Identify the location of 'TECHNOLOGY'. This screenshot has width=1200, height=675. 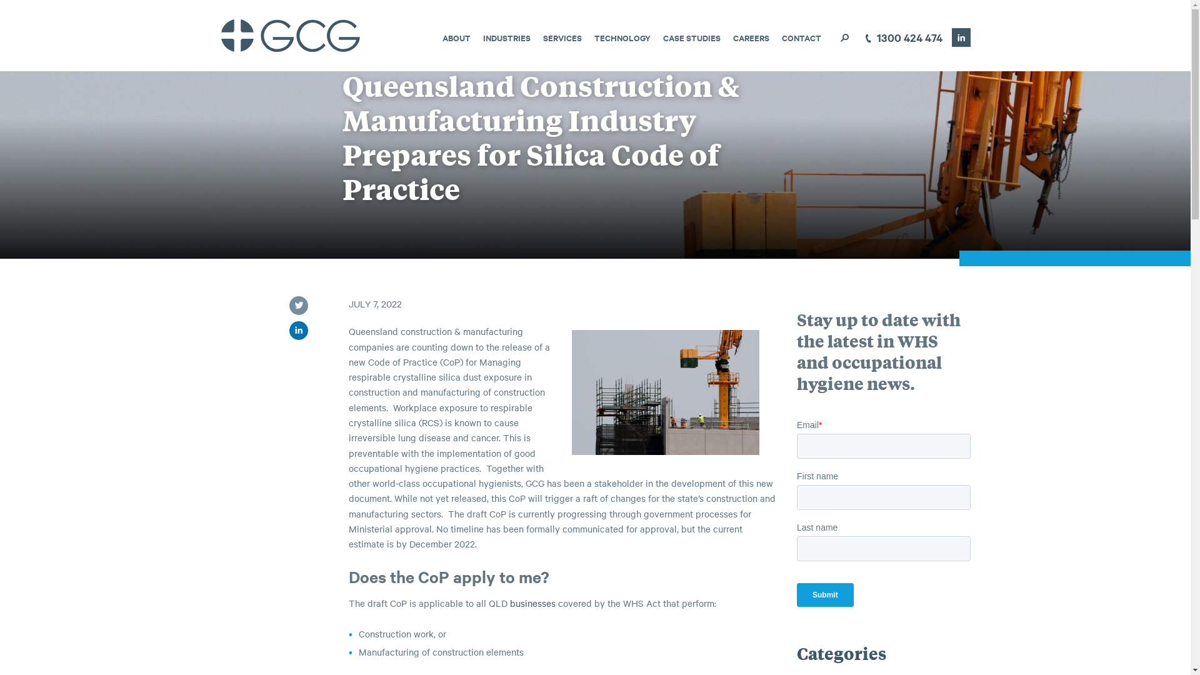
(593, 37).